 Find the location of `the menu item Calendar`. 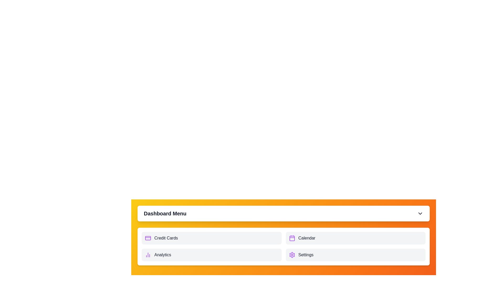

the menu item Calendar is located at coordinates (355, 238).